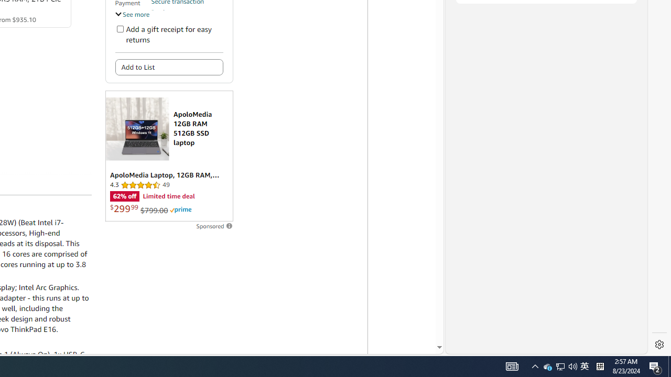 This screenshot has height=377, width=671. What do you see at coordinates (169, 156) in the screenshot?
I see `'Sponsored ad'` at bounding box center [169, 156].